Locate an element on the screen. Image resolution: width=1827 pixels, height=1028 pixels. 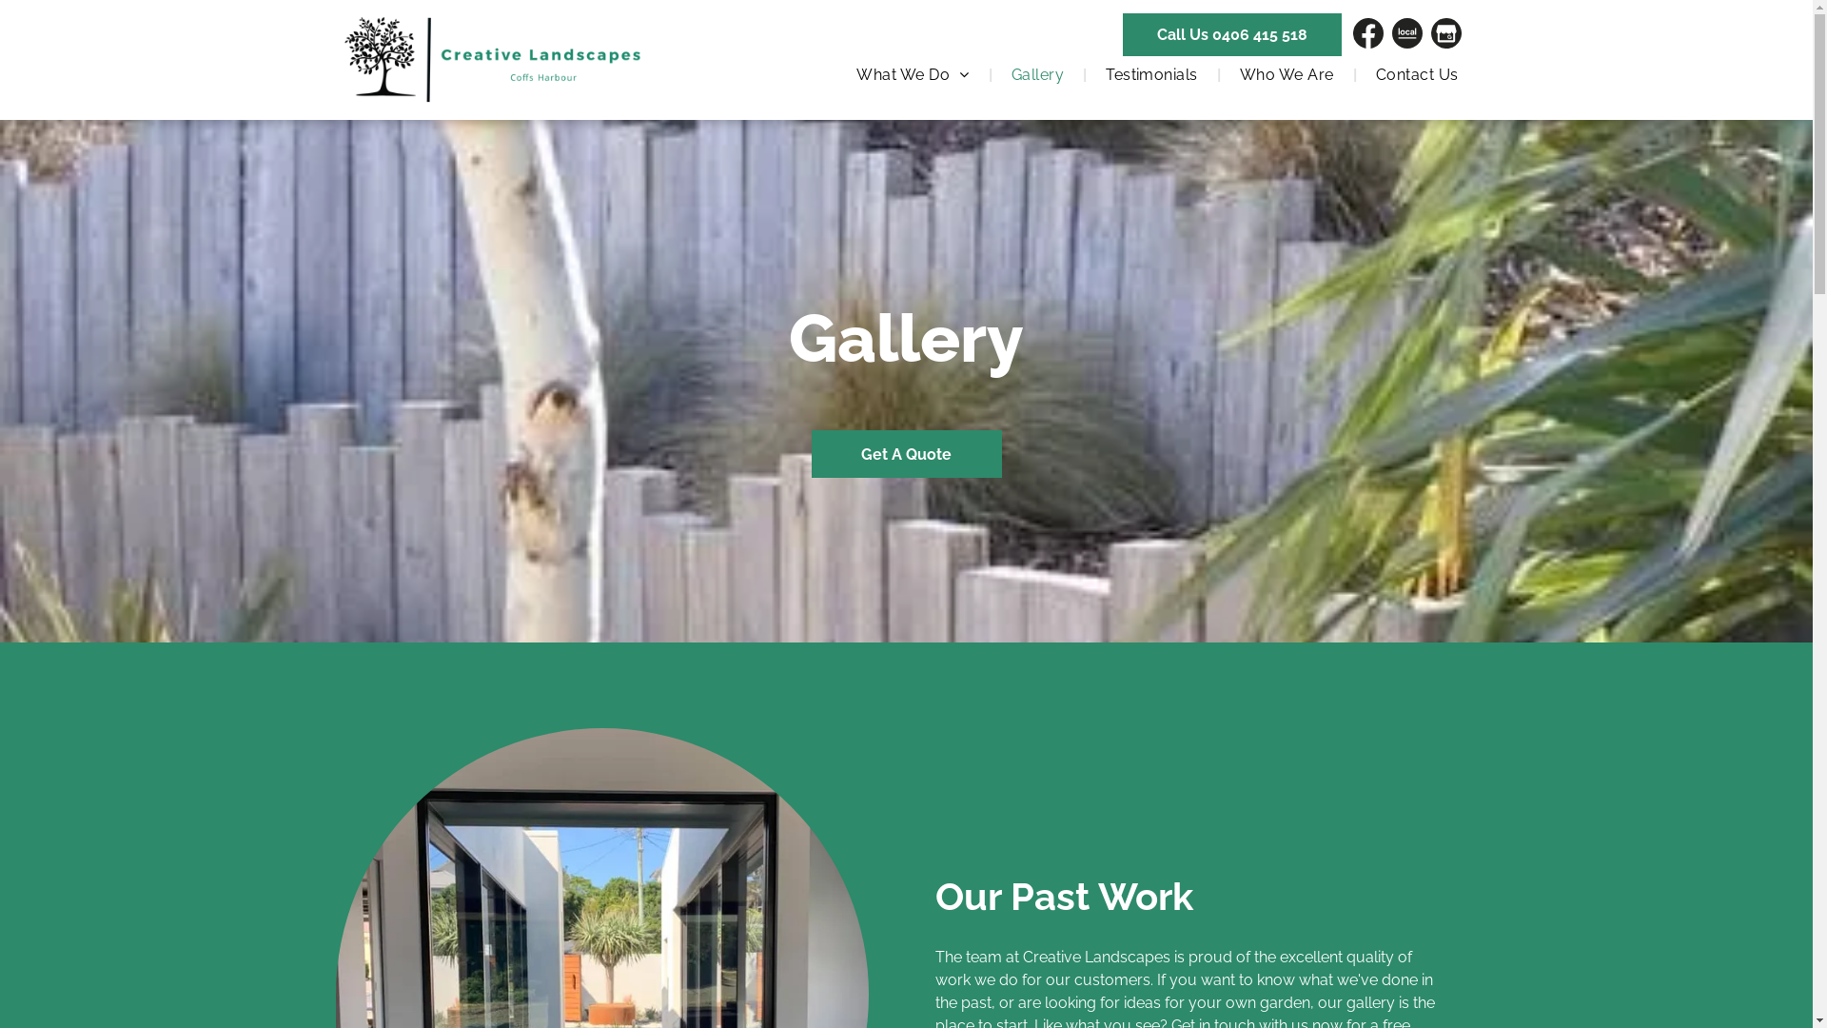
'www.localsearch.com.au' is located at coordinates (1392, 32).